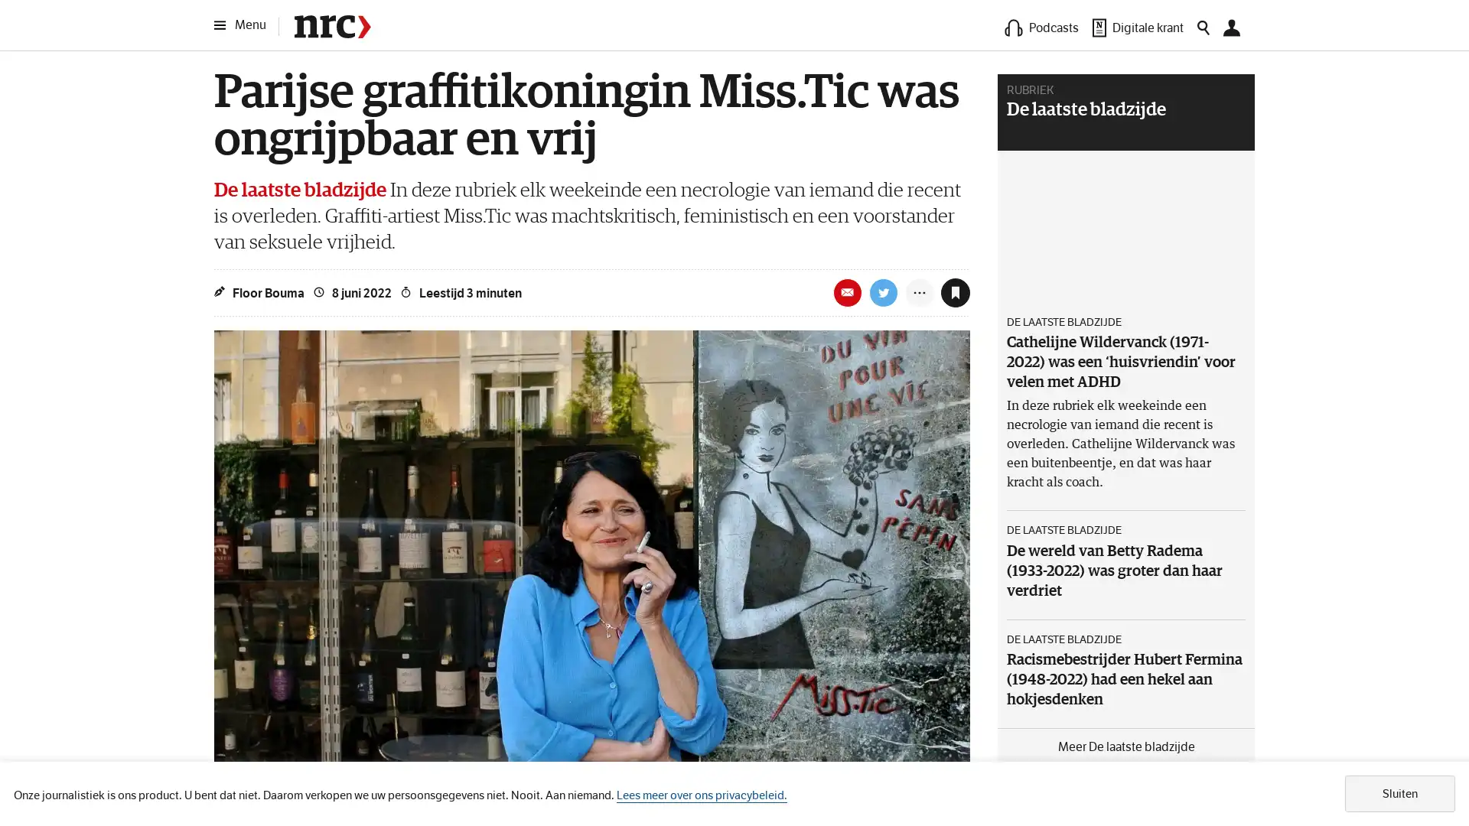 This screenshot has width=1469, height=826. I want to click on Meer opties, so click(918, 292).